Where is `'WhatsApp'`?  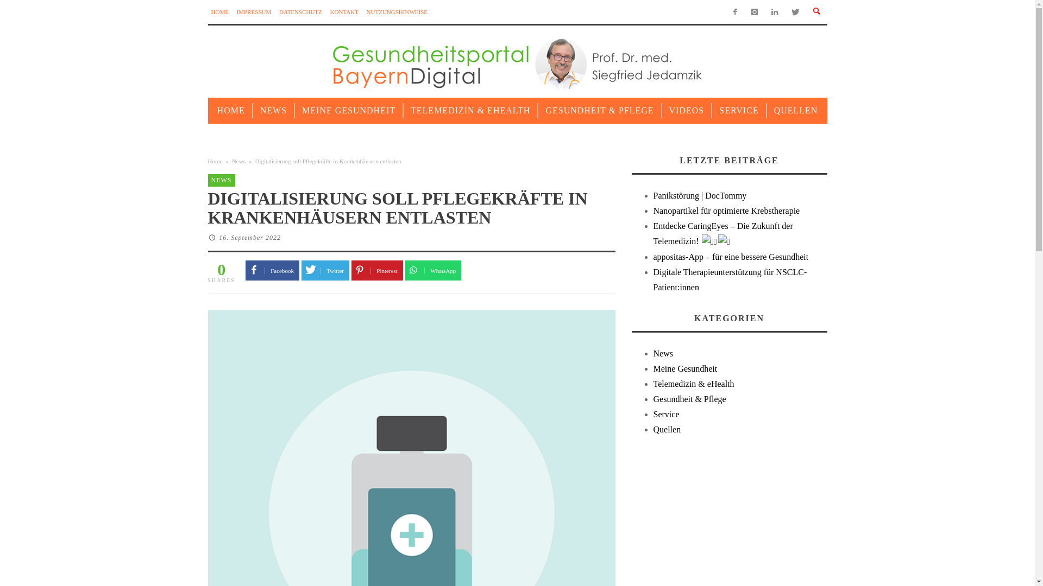 'WhatsApp' is located at coordinates (432, 270).